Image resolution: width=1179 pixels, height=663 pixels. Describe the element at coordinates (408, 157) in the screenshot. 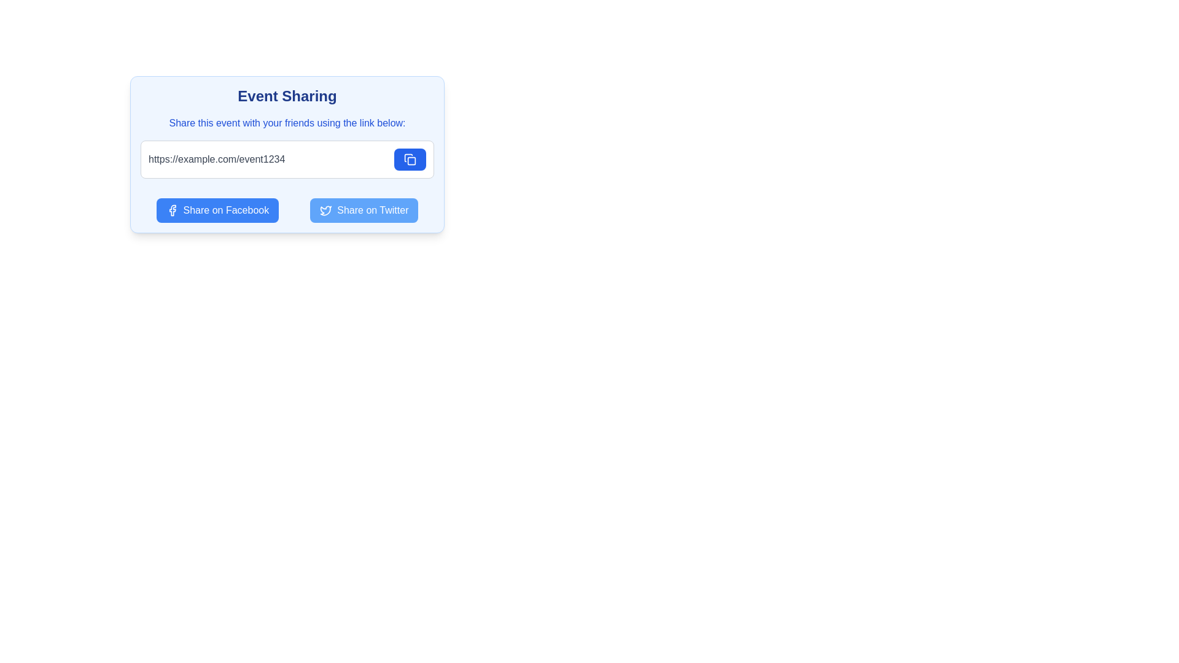

I see `the SVG icon representing the copying functionality located to the right of the text input field displaying a link` at that location.